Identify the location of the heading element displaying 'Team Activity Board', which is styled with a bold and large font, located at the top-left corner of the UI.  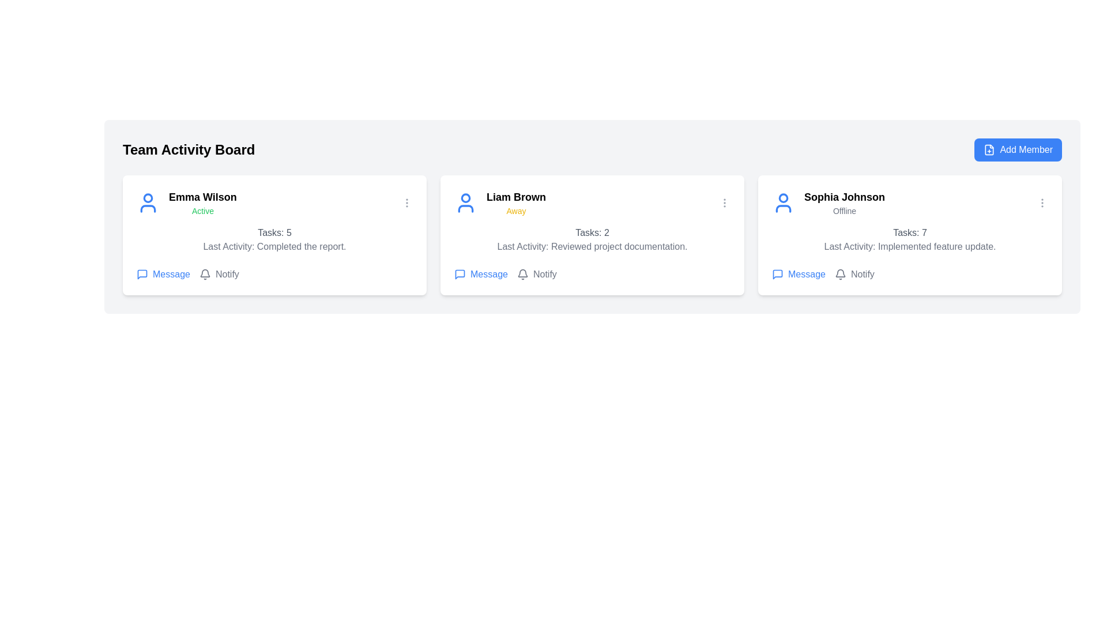
(189, 149).